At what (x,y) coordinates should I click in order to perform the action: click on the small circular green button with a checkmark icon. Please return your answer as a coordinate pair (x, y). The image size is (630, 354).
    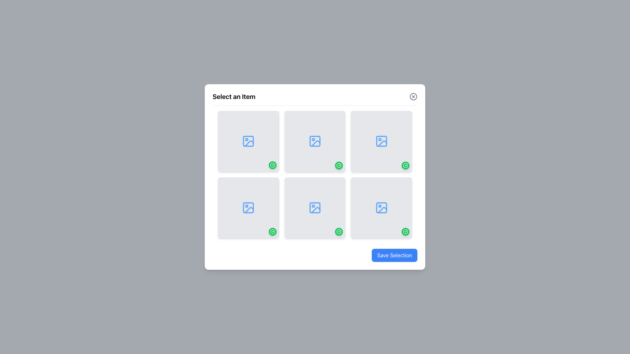
    Looking at the image, I should click on (272, 165).